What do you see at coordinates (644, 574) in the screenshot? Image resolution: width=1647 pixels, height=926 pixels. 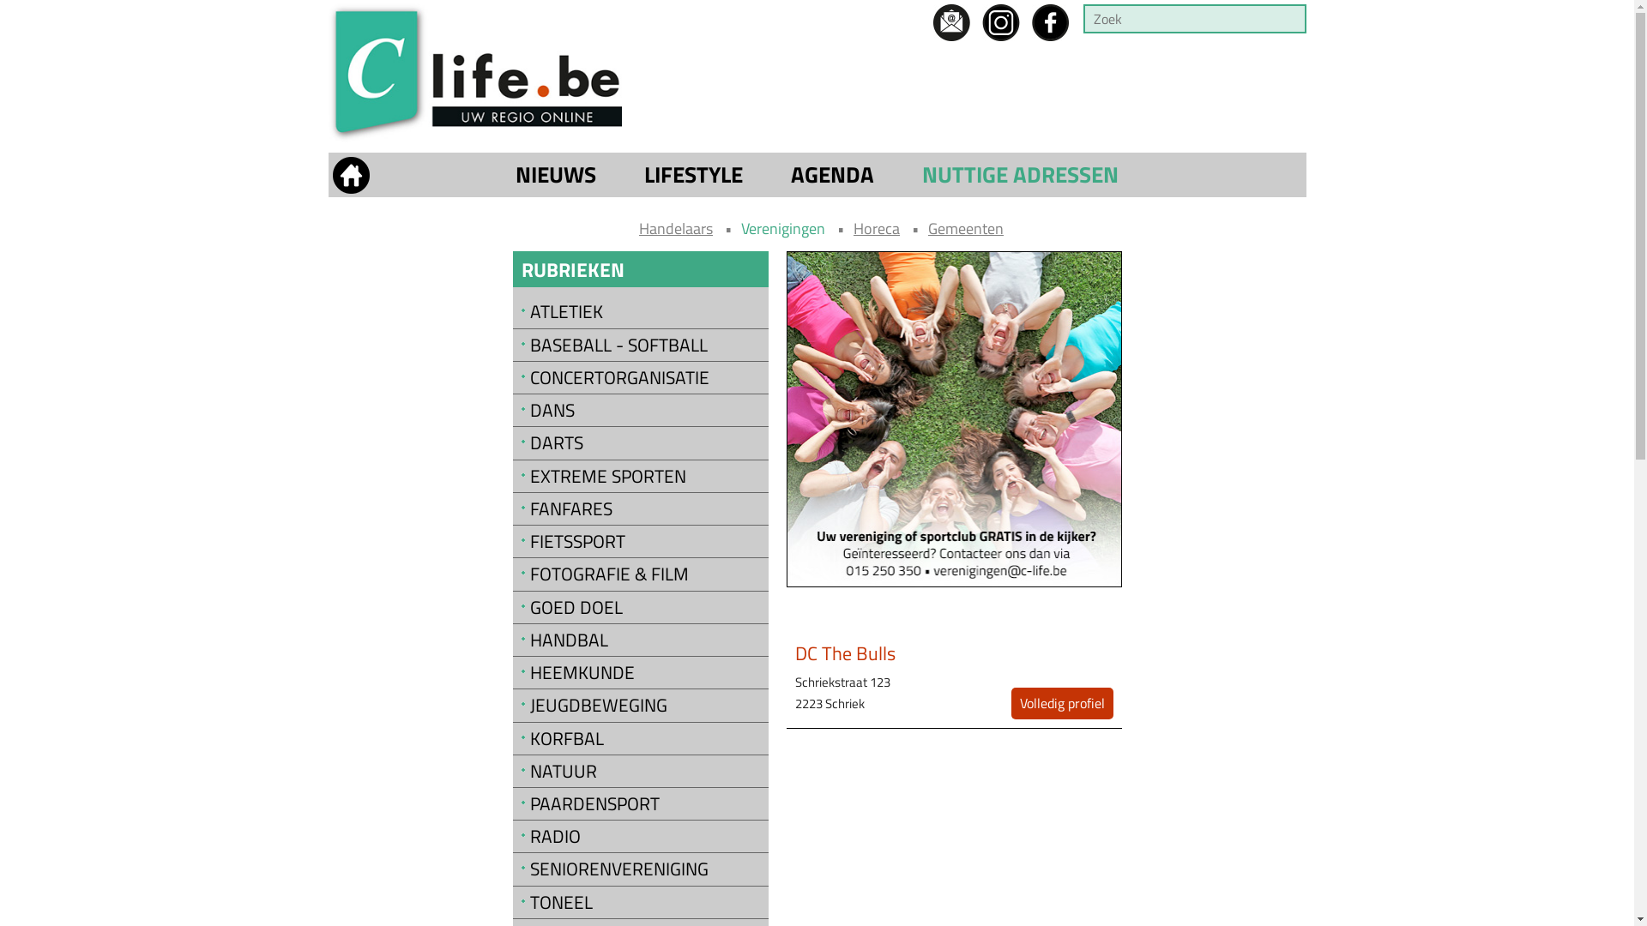 I see `'FOTOGRAFIE & FILM'` at bounding box center [644, 574].